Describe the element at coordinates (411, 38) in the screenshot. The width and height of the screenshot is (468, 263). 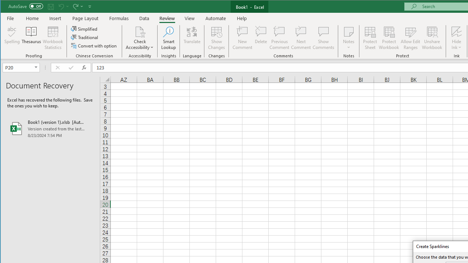
I see `'Allow Edit Ranges'` at that location.